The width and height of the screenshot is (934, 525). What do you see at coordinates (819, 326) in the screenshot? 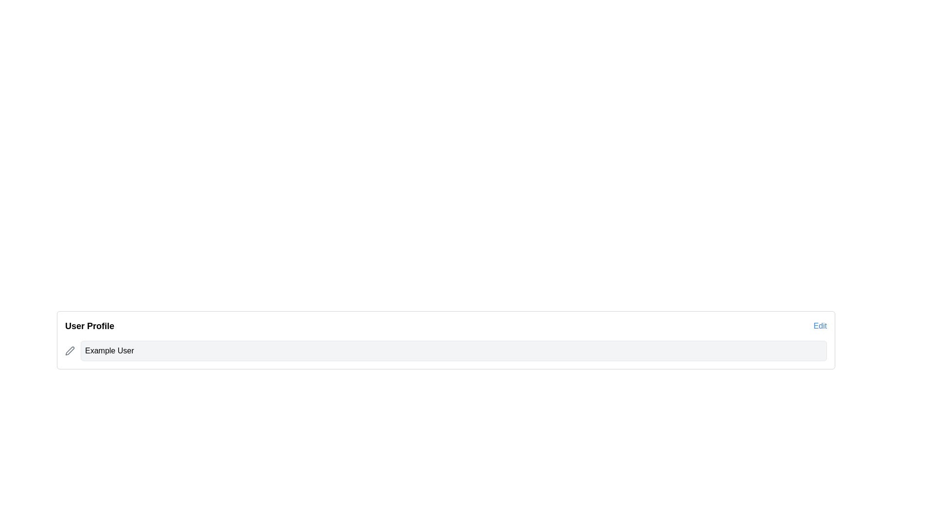
I see `the hyperlink located at the far right of the 'User Profile' header section` at bounding box center [819, 326].